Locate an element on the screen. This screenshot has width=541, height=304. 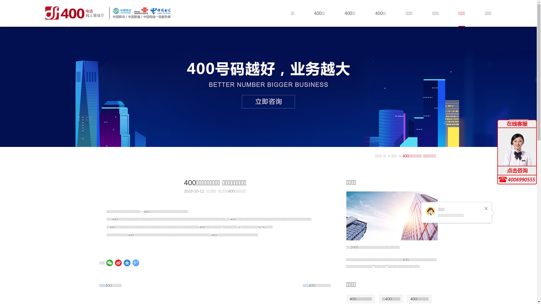
'Q Q' is located at coordinates (518, 147).